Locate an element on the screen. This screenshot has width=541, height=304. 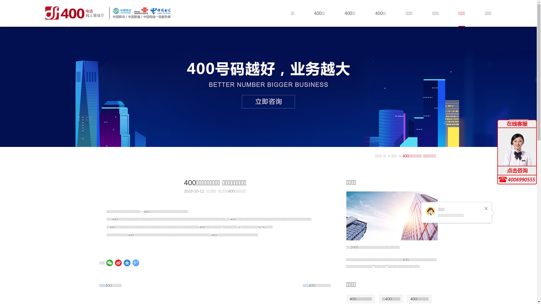
'Q Q' is located at coordinates (518, 147).